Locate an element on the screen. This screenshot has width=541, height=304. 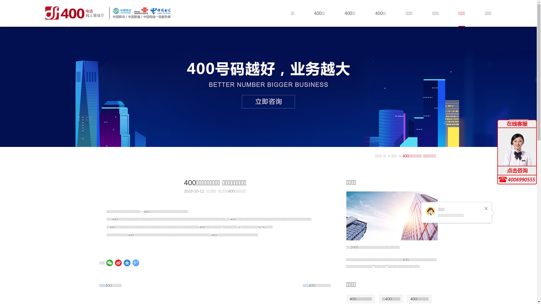
'Q Q' is located at coordinates (518, 147).